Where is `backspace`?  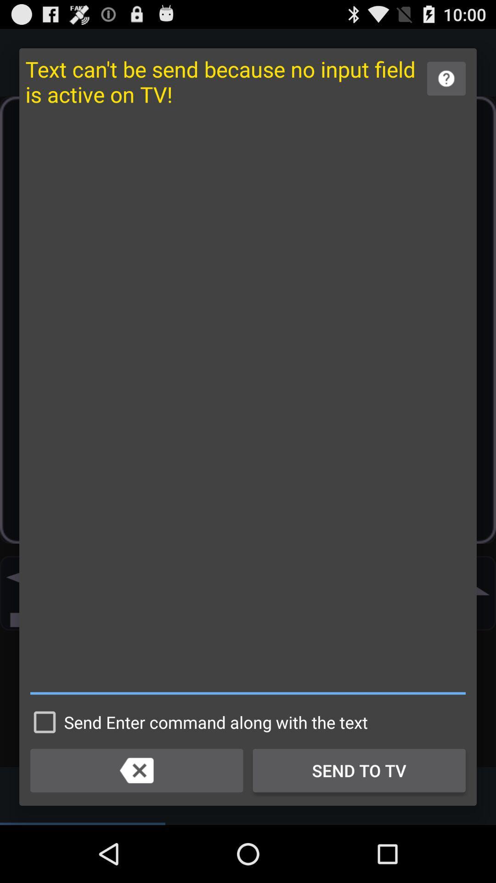 backspace is located at coordinates (136, 770).